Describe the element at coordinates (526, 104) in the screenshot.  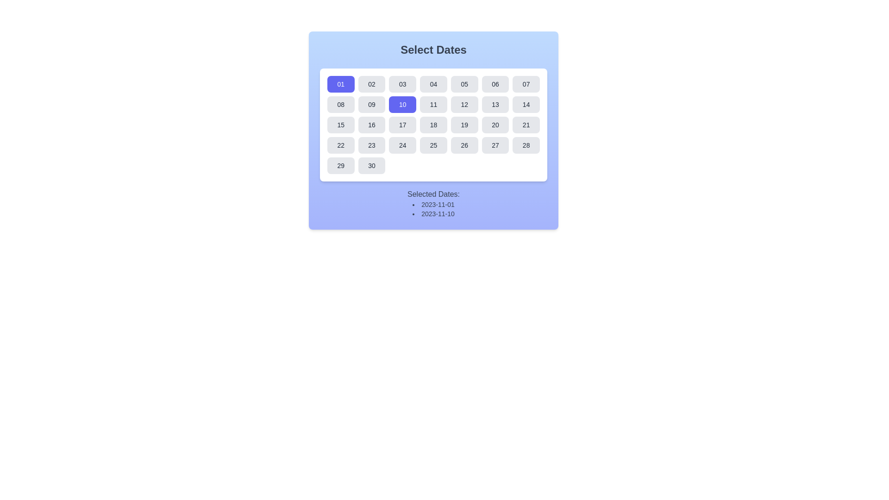
I see `the button that allows users` at that location.